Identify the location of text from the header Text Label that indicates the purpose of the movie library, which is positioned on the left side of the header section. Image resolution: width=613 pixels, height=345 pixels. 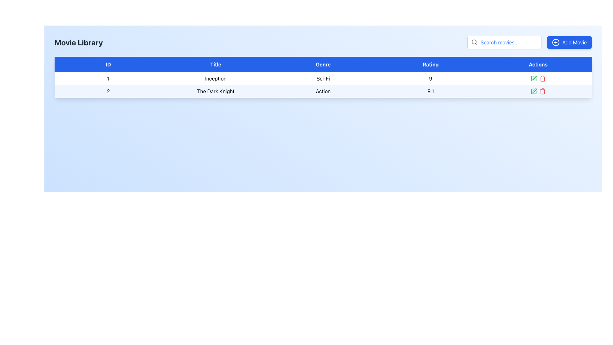
(78, 42).